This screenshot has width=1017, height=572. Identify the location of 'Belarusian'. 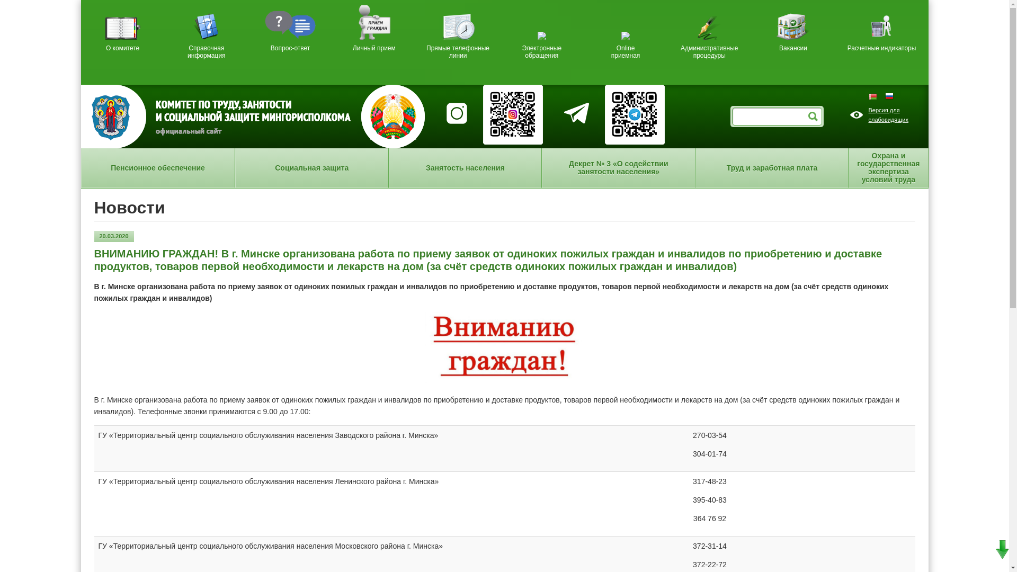
(877, 96).